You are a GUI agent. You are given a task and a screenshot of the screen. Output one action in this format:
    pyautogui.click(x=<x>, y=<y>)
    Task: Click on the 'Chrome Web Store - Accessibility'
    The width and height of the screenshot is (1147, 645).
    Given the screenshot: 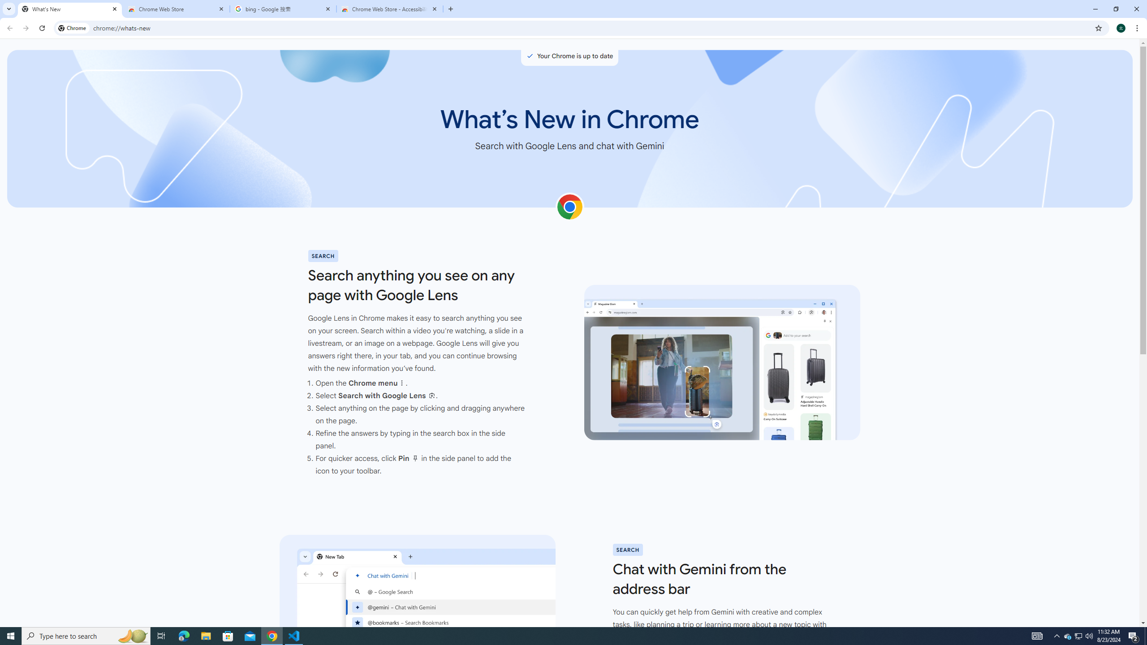 What is the action you would take?
    pyautogui.click(x=389, y=9)
    